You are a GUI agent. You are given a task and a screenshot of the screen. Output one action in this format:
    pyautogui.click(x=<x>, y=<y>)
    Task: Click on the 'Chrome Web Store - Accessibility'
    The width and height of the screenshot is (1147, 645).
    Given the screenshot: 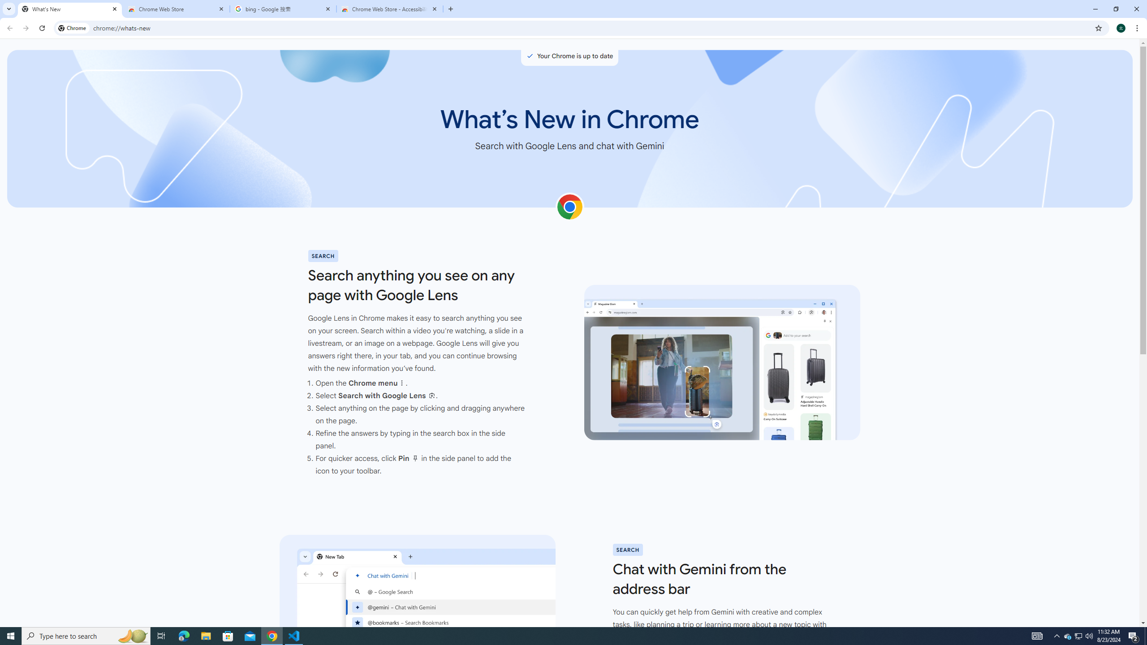 What is the action you would take?
    pyautogui.click(x=389, y=9)
    